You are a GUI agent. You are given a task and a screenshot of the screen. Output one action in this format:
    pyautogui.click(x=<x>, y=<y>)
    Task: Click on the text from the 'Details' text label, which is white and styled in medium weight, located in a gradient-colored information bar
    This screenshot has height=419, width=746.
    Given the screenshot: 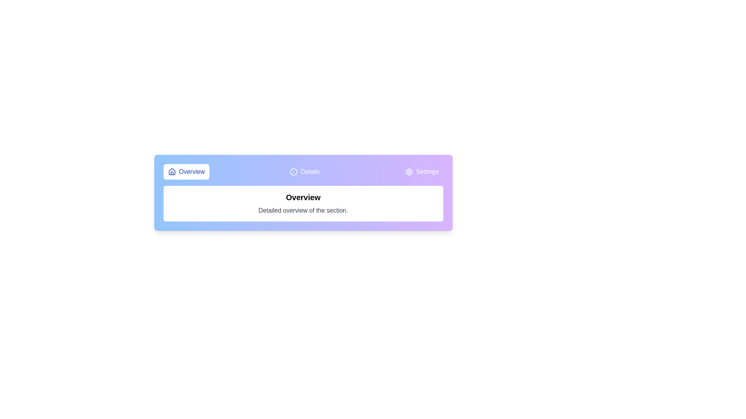 What is the action you would take?
    pyautogui.click(x=310, y=171)
    